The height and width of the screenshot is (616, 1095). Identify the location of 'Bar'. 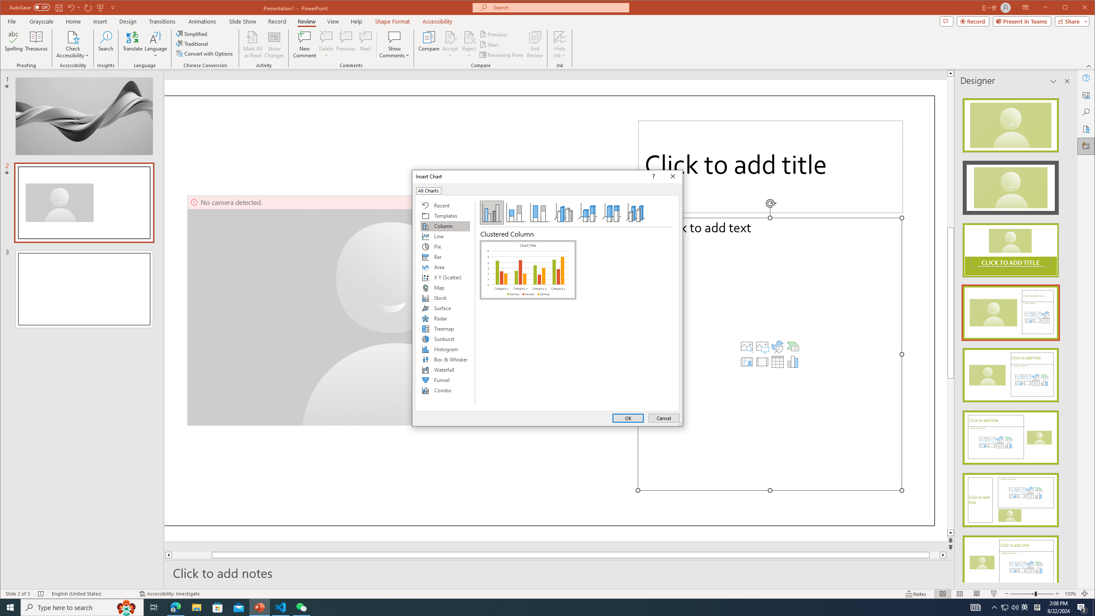
(444, 257).